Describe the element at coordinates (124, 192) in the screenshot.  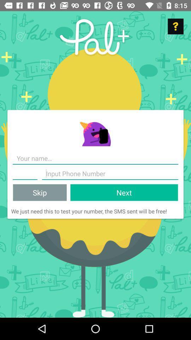
I see `the icon above we just need item` at that location.